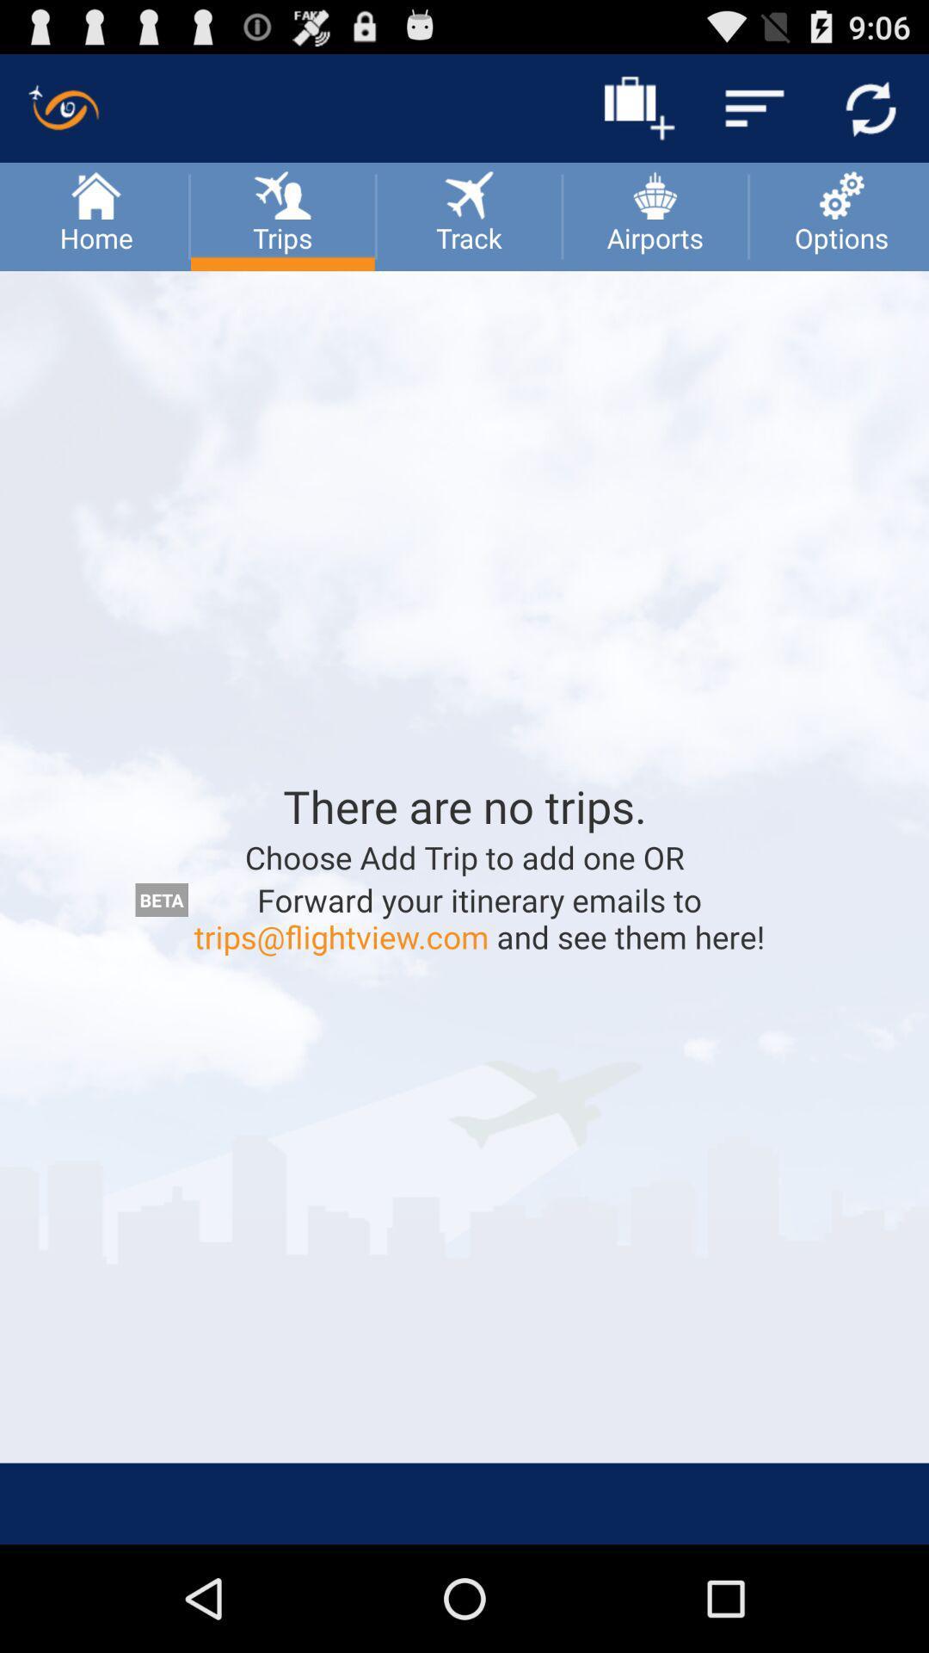  Describe the element at coordinates (281, 193) in the screenshot. I see `the icon next  to home` at that location.